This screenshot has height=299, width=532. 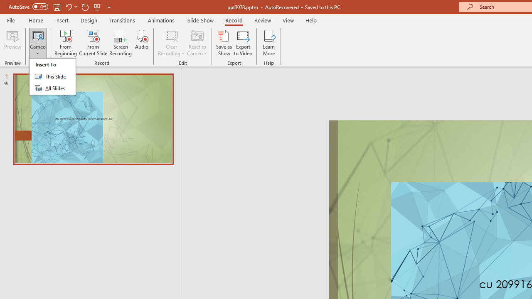 I want to click on 'File Tab', so click(x=11, y=20).